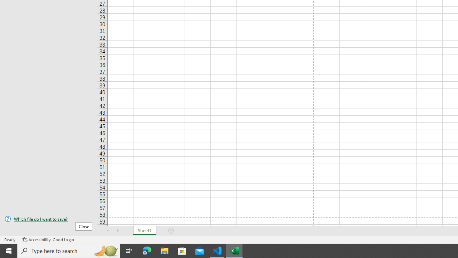 This screenshot has height=258, width=458. I want to click on 'Microsoft Edge', so click(147, 250).